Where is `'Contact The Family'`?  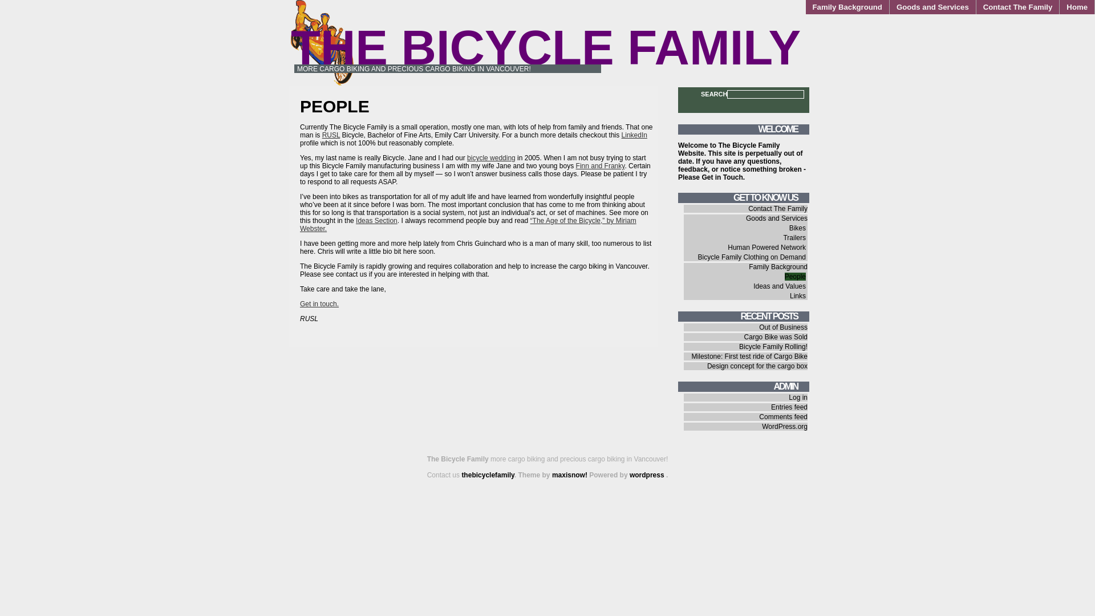 'Contact The Family' is located at coordinates (1018, 7).